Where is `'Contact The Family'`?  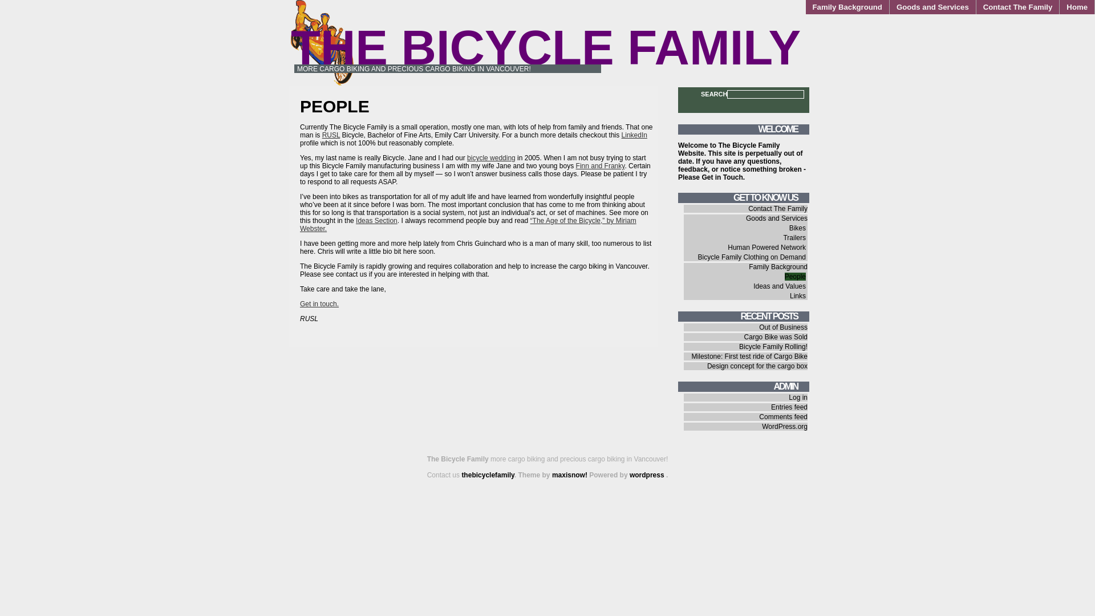 'Contact The Family' is located at coordinates (1018, 7).